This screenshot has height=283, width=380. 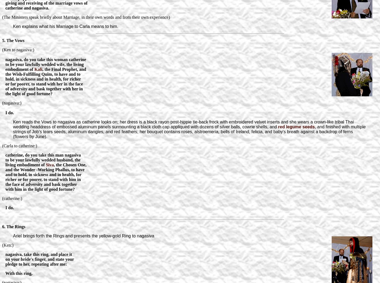 I want to click on '(Ken:)', so click(x=8, y=244).